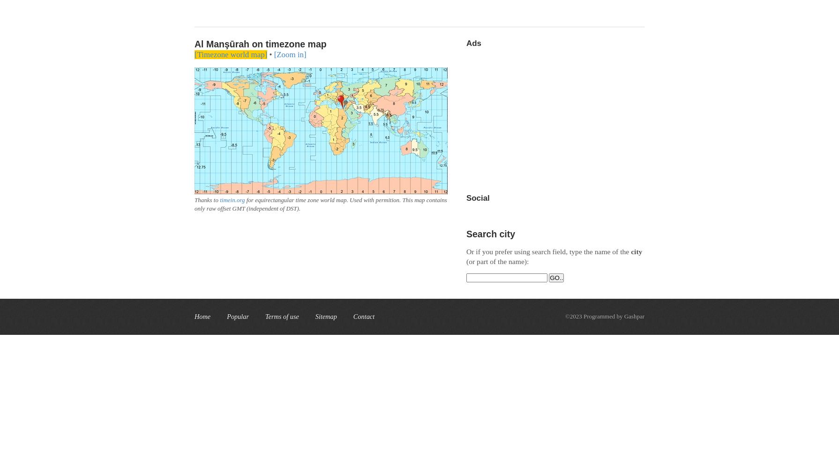  What do you see at coordinates (497, 261) in the screenshot?
I see `'(or part of the name):'` at bounding box center [497, 261].